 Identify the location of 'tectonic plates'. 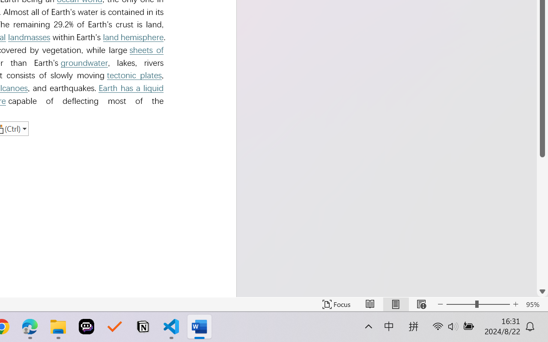
(134, 75).